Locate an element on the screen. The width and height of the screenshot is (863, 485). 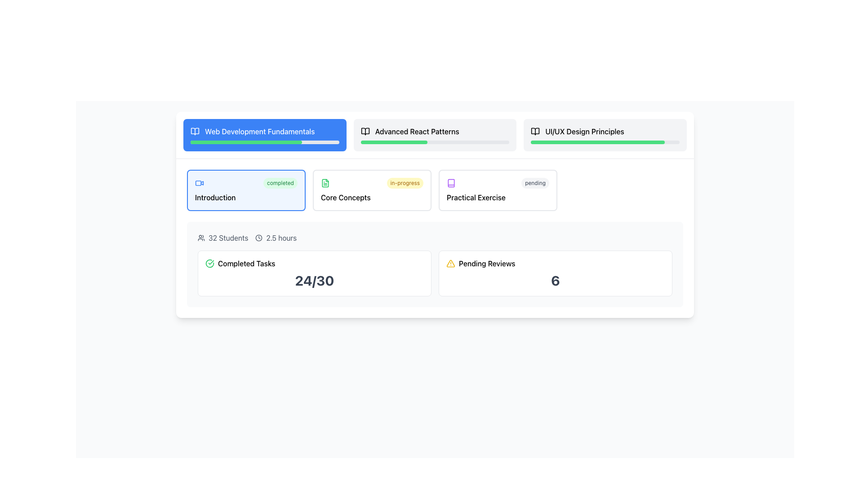
the SVG graphic icon resembling a book located in the header section under the 'Web Development Fundamentals' tab is located at coordinates (451, 183).